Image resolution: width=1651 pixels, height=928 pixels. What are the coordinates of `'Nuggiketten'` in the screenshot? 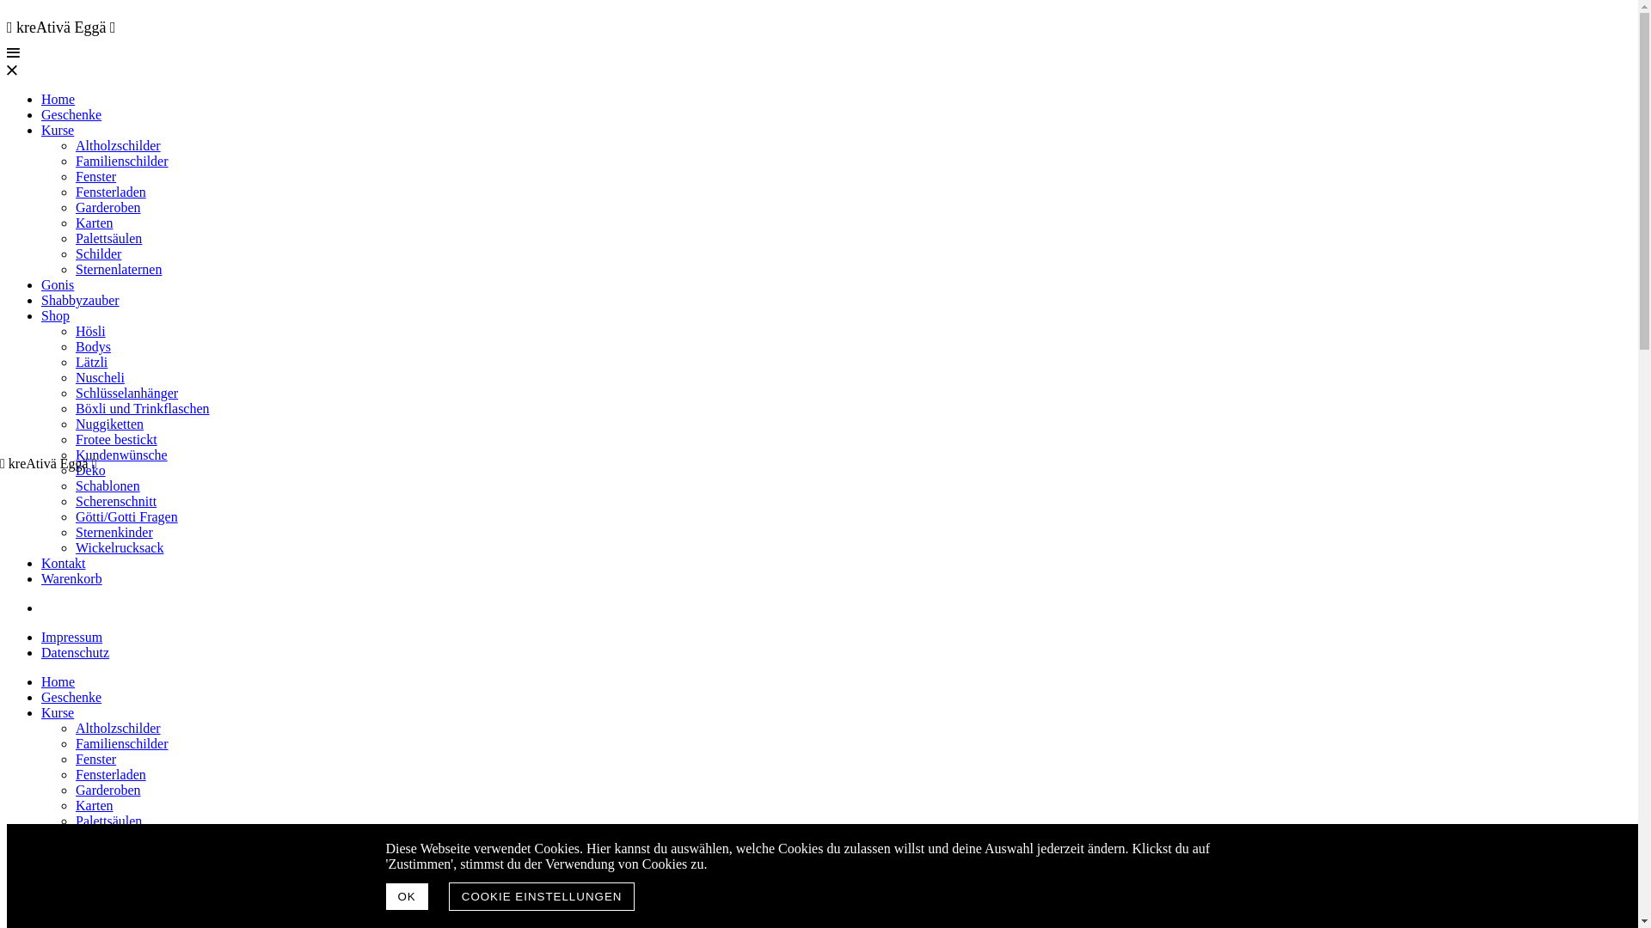 It's located at (108, 424).